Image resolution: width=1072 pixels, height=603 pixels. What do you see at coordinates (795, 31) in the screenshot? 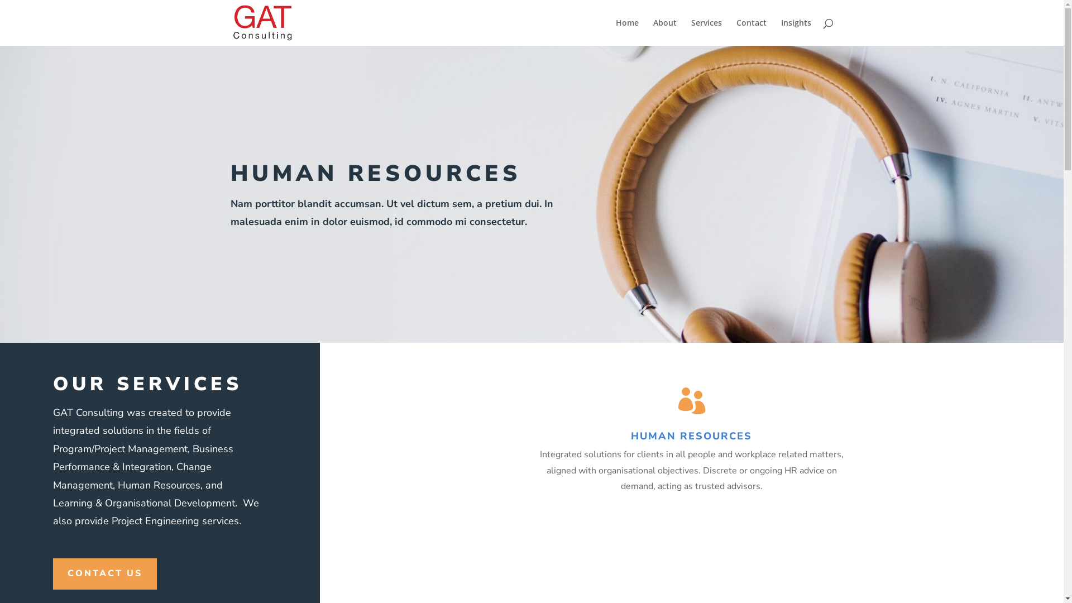
I see `'Insights'` at bounding box center [795, 31].